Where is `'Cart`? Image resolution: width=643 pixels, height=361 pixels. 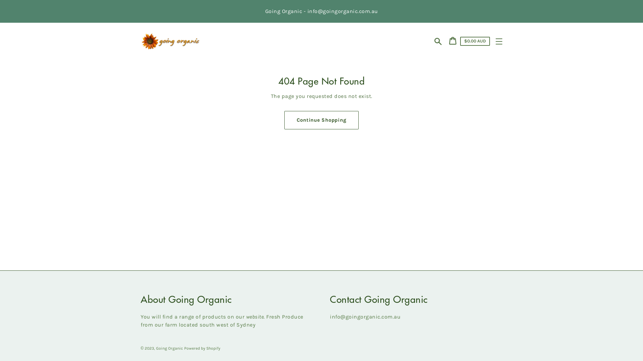
'Cart is located at coordinates (469, 41).